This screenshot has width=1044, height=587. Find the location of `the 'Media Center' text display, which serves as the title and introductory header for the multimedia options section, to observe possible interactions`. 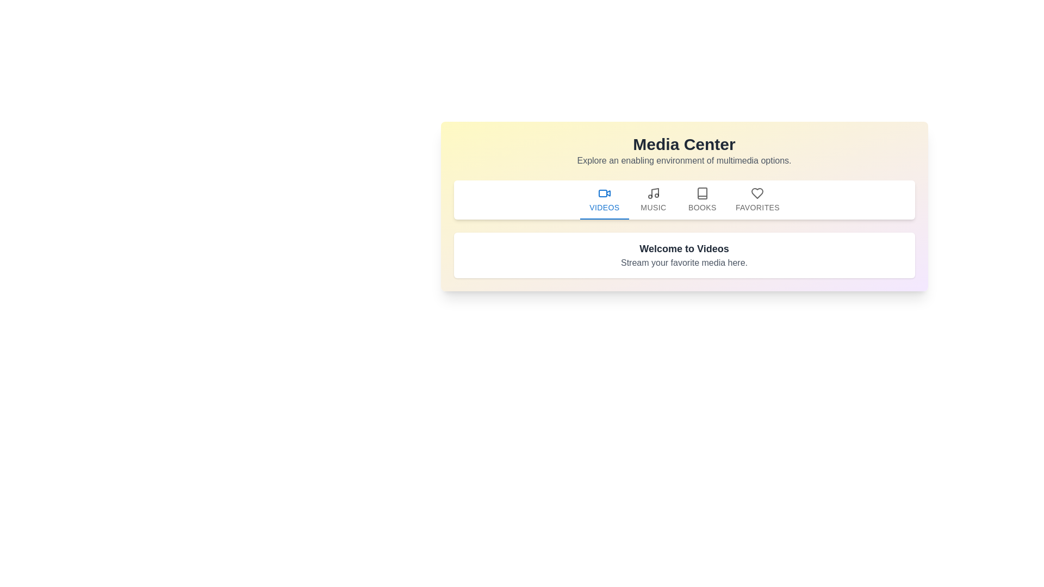

the 'Media Center' text display, which serves as the title and introductory header for the multimedia options section, to observe possible interactions is located at coordinates (683, 151).